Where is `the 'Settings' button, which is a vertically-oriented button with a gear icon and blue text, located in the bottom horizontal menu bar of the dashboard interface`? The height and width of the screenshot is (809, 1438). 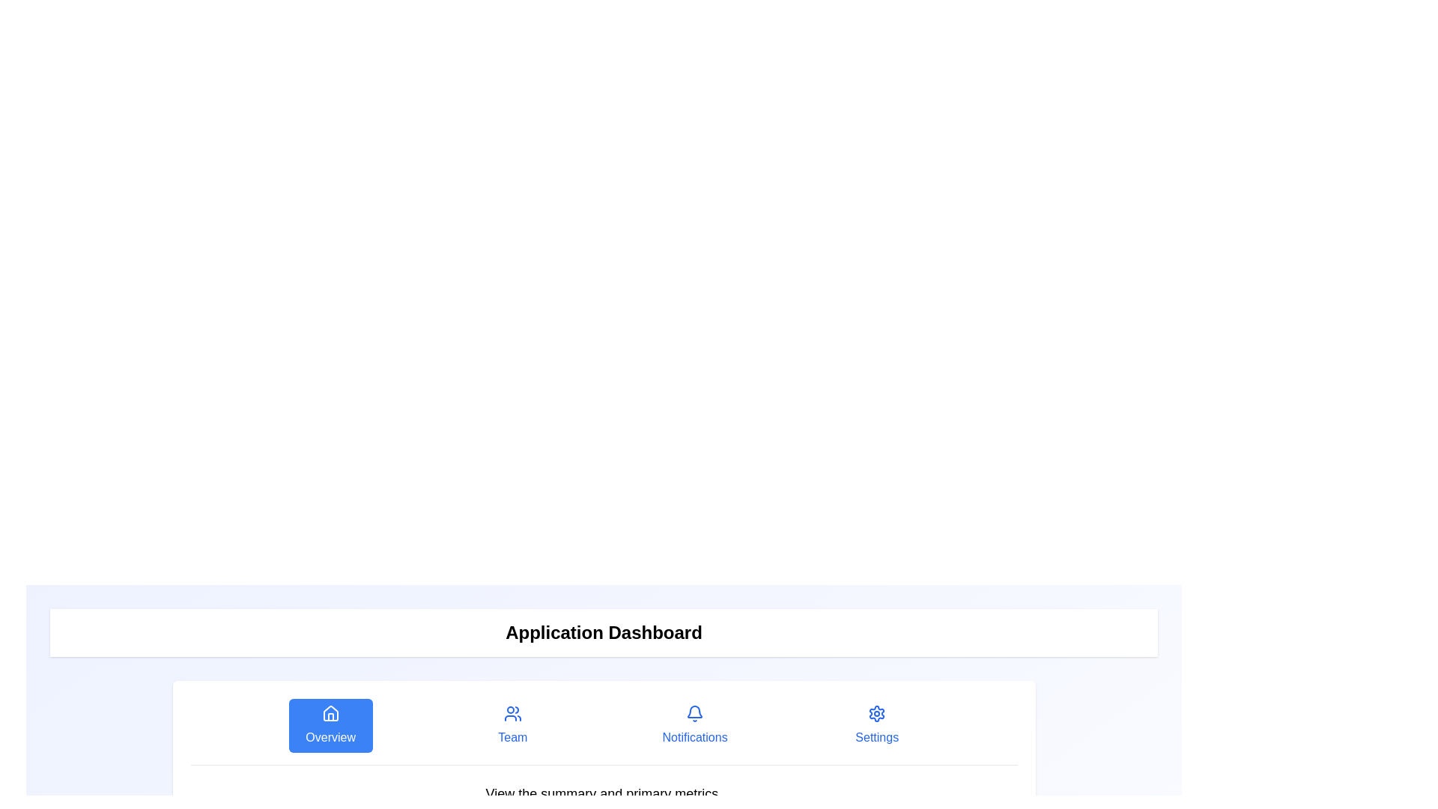 the 'Settings' button, which is a vertically-oriented button with a gear icon and blue text, located in the bottom horizontal menu bar of the dashboard interface is located at coordinates (877, 724).